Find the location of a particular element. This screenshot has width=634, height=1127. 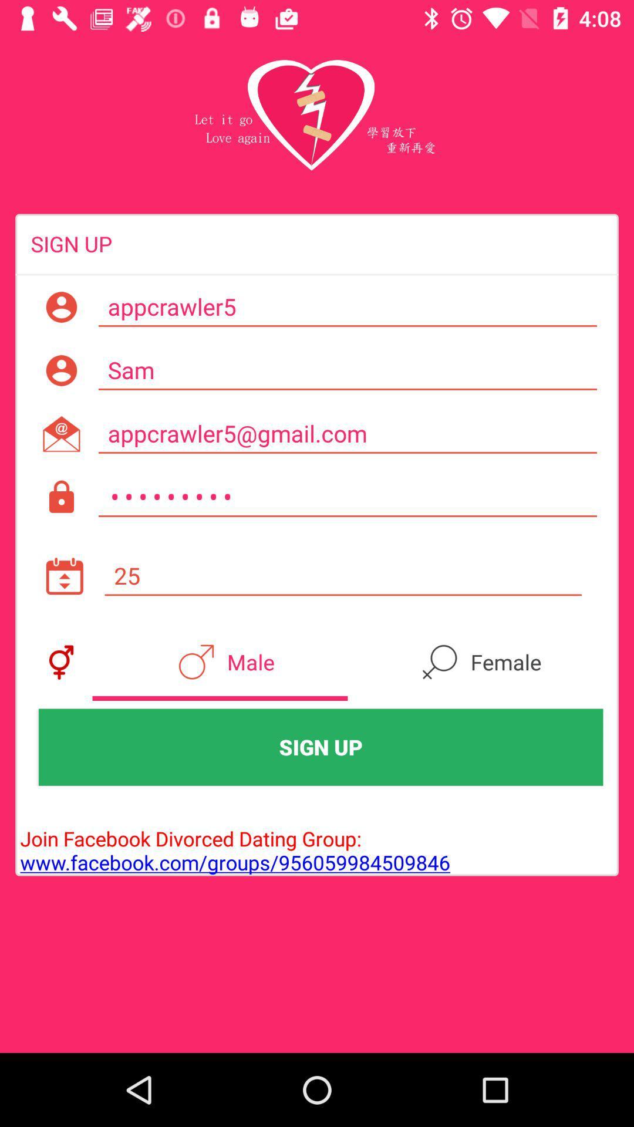

icon below the appcrawler5 is located at coordinates (347, 370).